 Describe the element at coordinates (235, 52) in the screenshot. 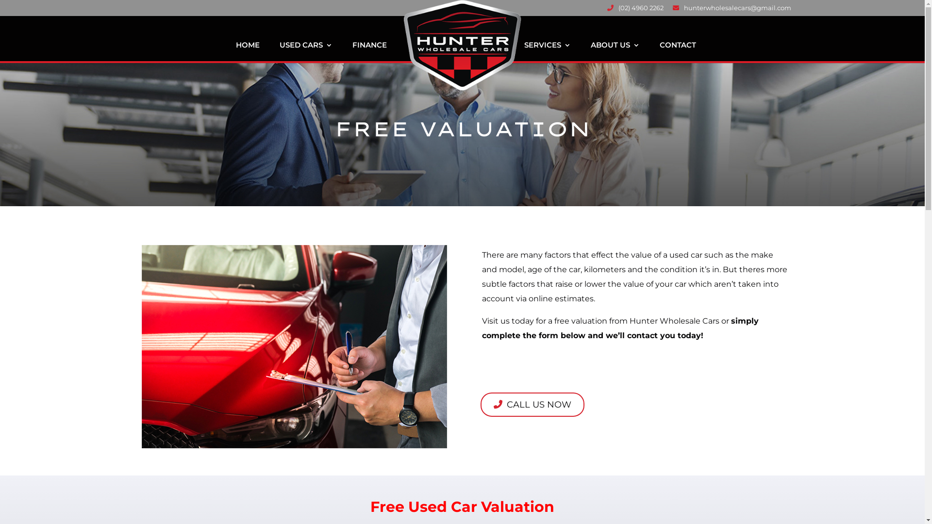

I see `'HOME'` at that location.